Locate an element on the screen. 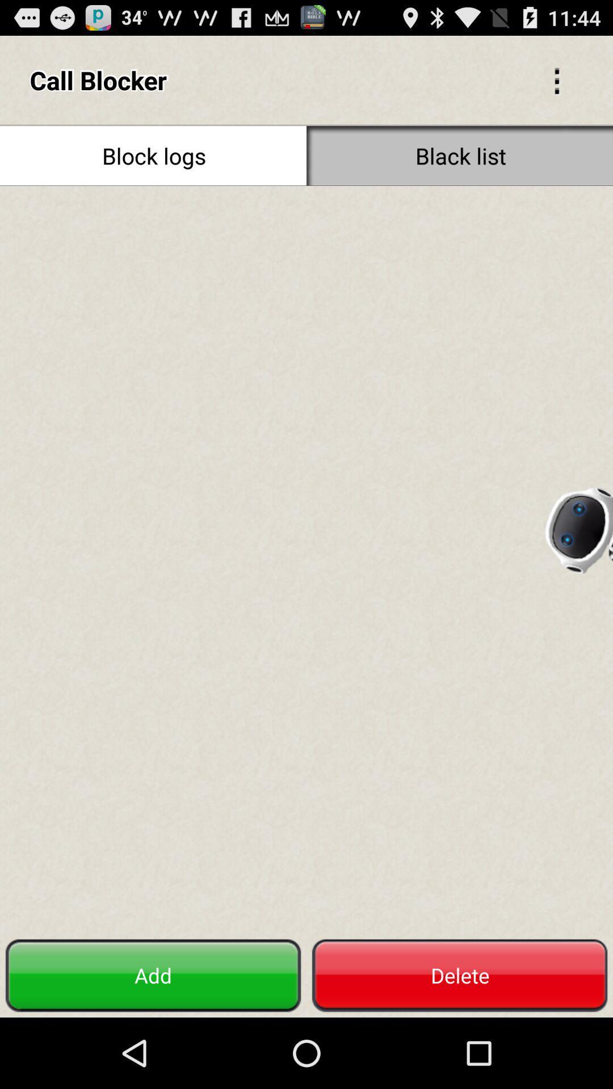 The width and height of the screenshot is (613, 1089). icon on the right is located at coordinates (578, 526).